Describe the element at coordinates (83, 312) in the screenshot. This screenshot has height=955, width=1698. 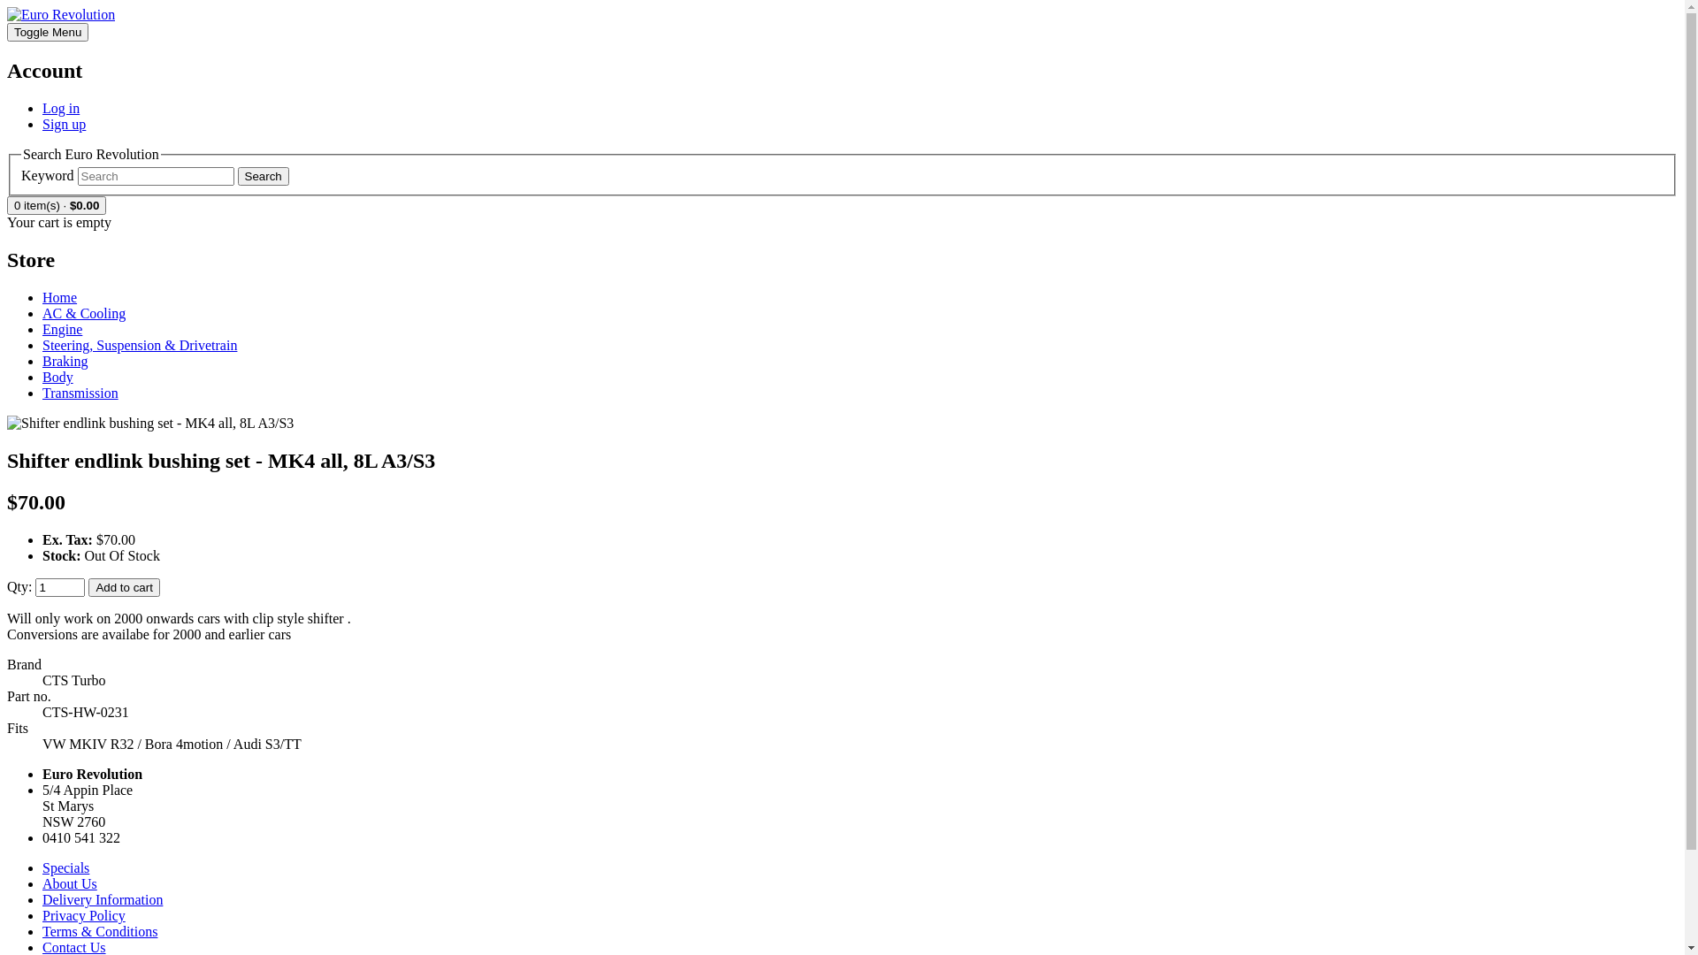
I see `'AC & Cooling'` at that location.